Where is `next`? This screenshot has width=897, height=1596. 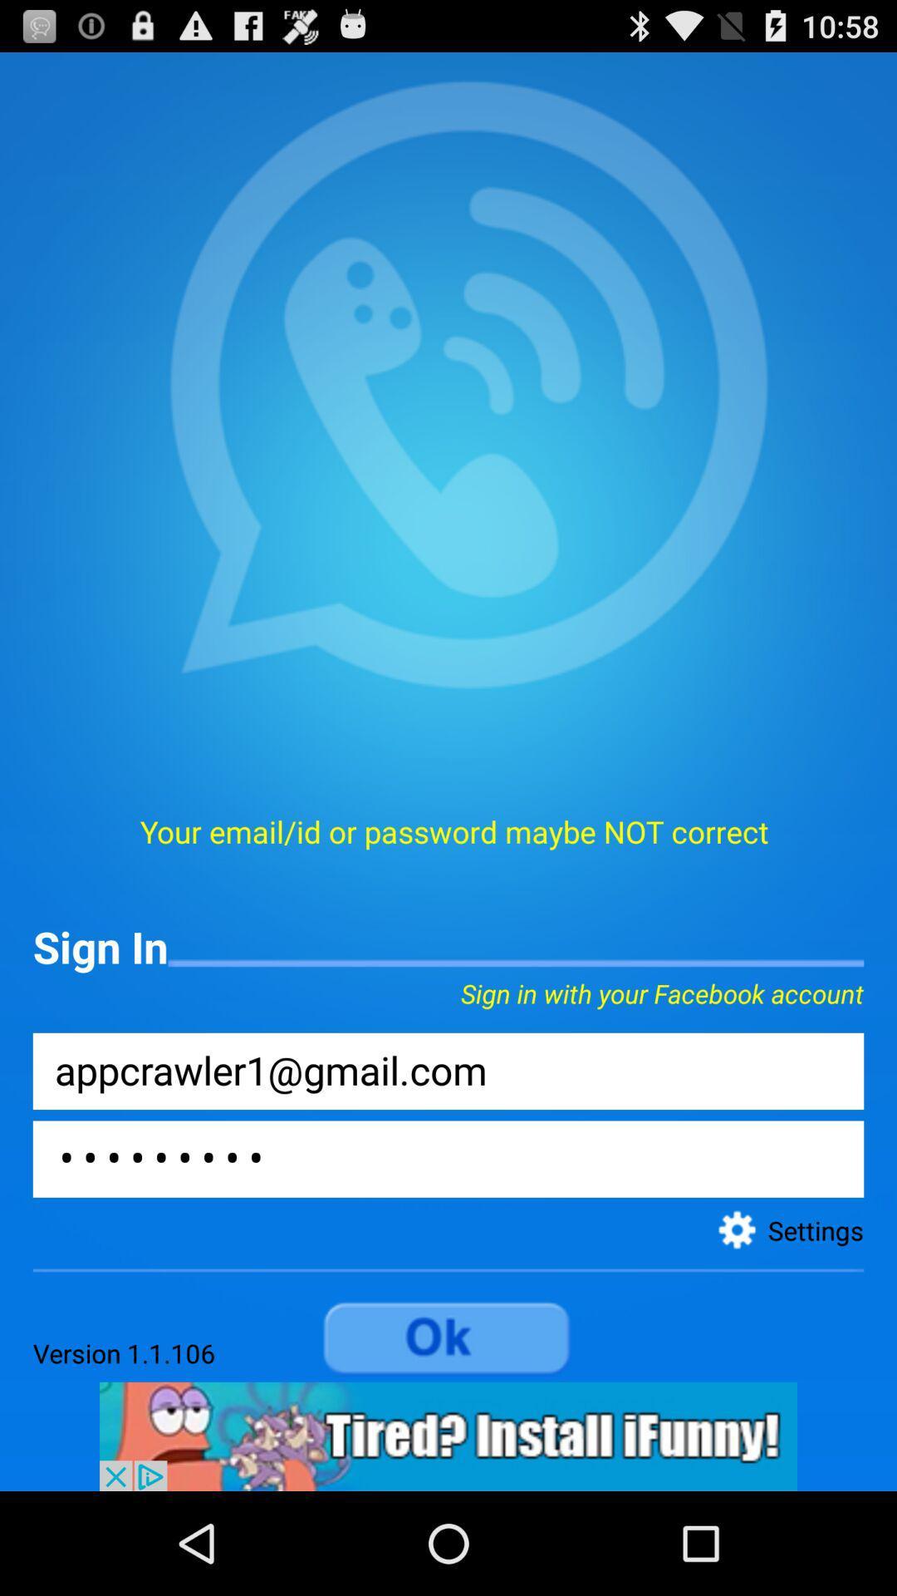
next is located at coordinates (448, 1339).